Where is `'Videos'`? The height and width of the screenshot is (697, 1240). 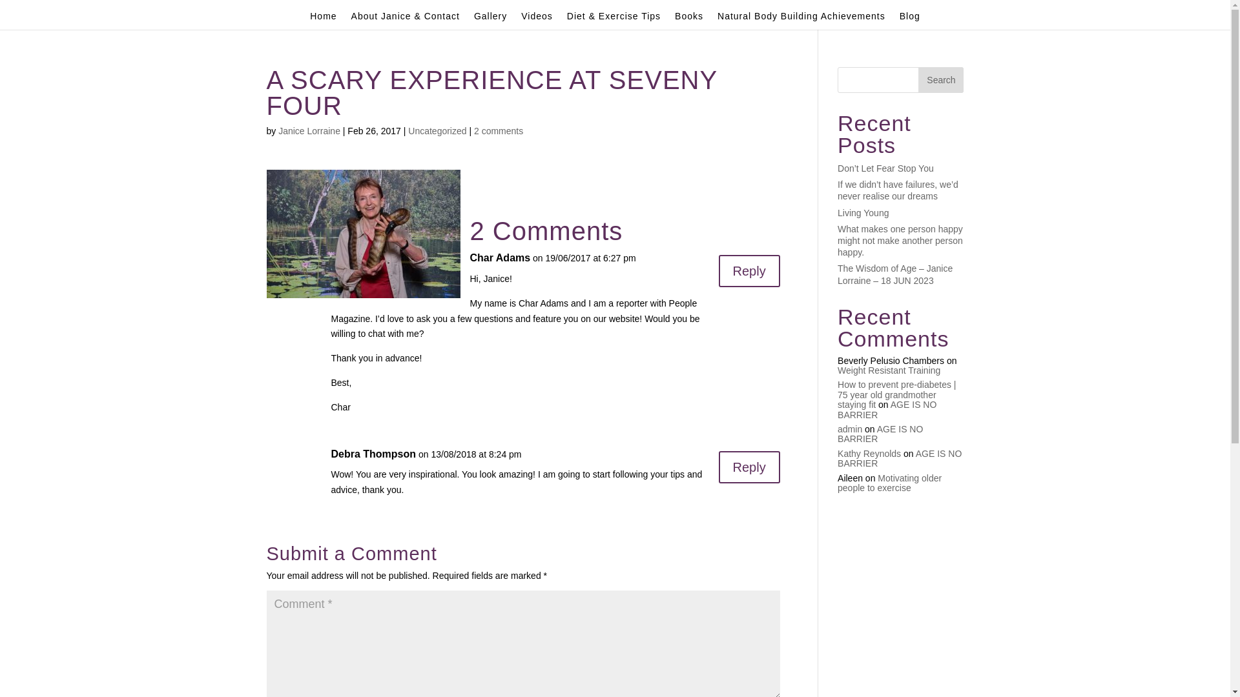 'Videos' is located at coordinates (521, 20).